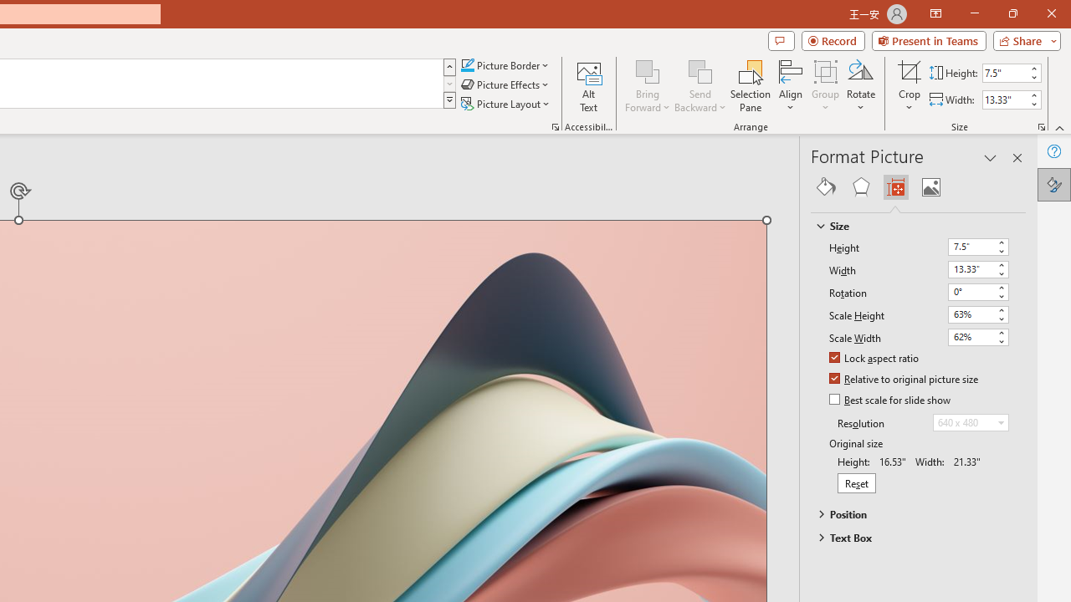  Describe the element at coordinates (971, 314) in the screenshot. I see `'Scale Height'` at that location.